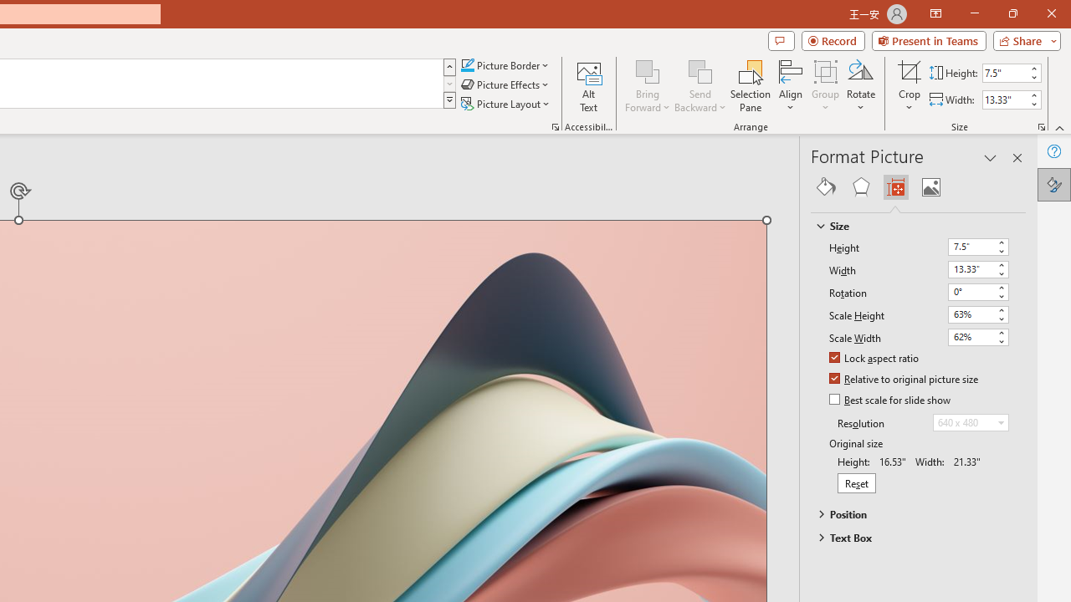  Describe the element at coordinates (971, 314) in the screenshot. I see `'Scale Height'` at that location.